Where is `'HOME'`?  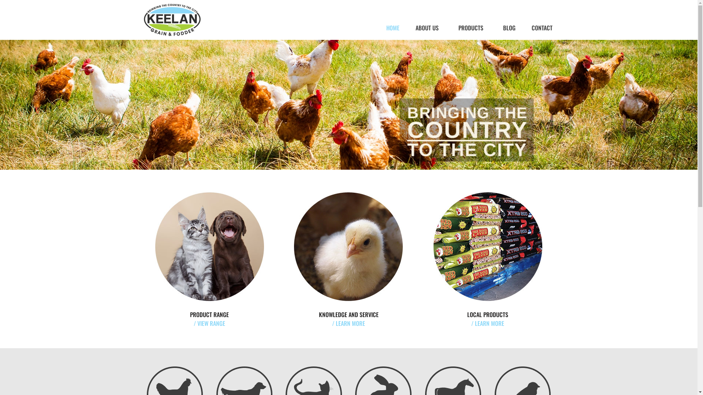 'HOME' is located at coordinates (386, 27).